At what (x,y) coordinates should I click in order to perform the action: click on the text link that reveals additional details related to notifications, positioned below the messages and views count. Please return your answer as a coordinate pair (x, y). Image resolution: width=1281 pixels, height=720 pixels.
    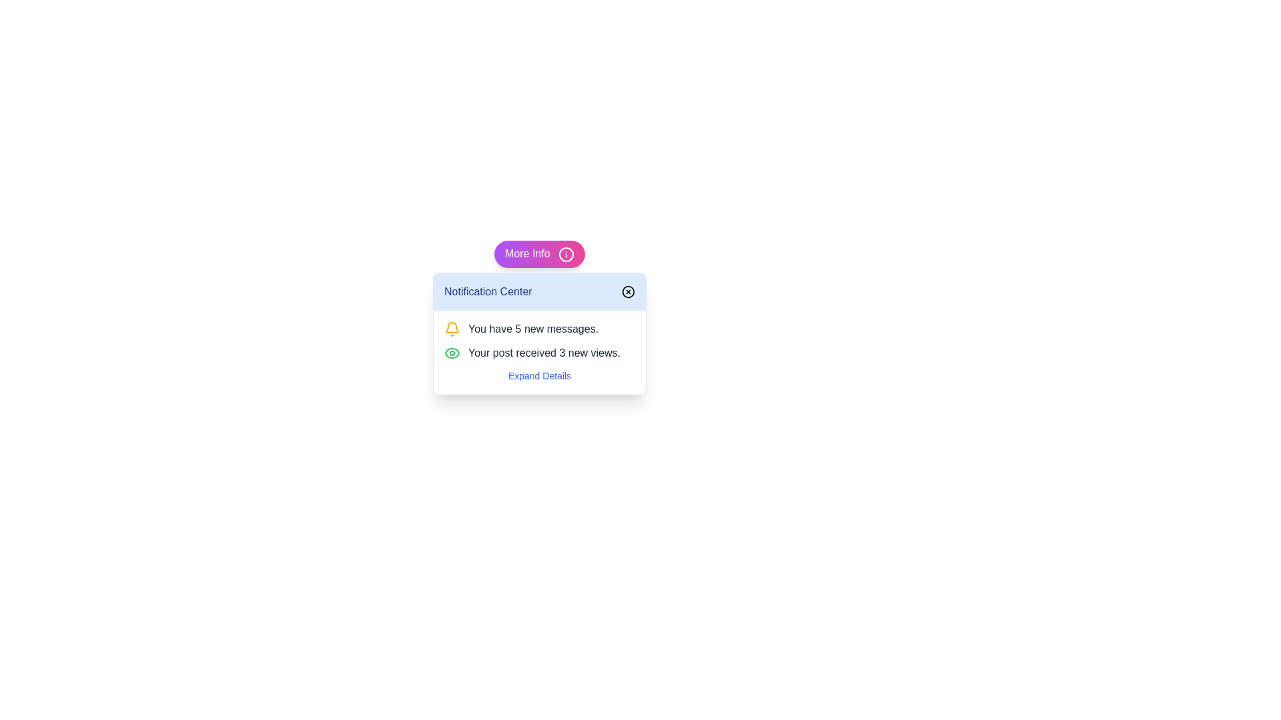
    Looking at the image, I should click on (539, 375).